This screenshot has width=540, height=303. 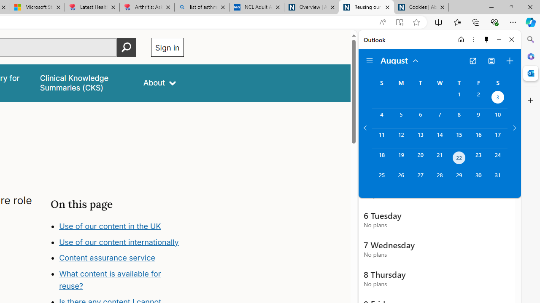 I want to click on 'Saturday, August 3, 2024. Date selected. ', so click(x=498, y=98).